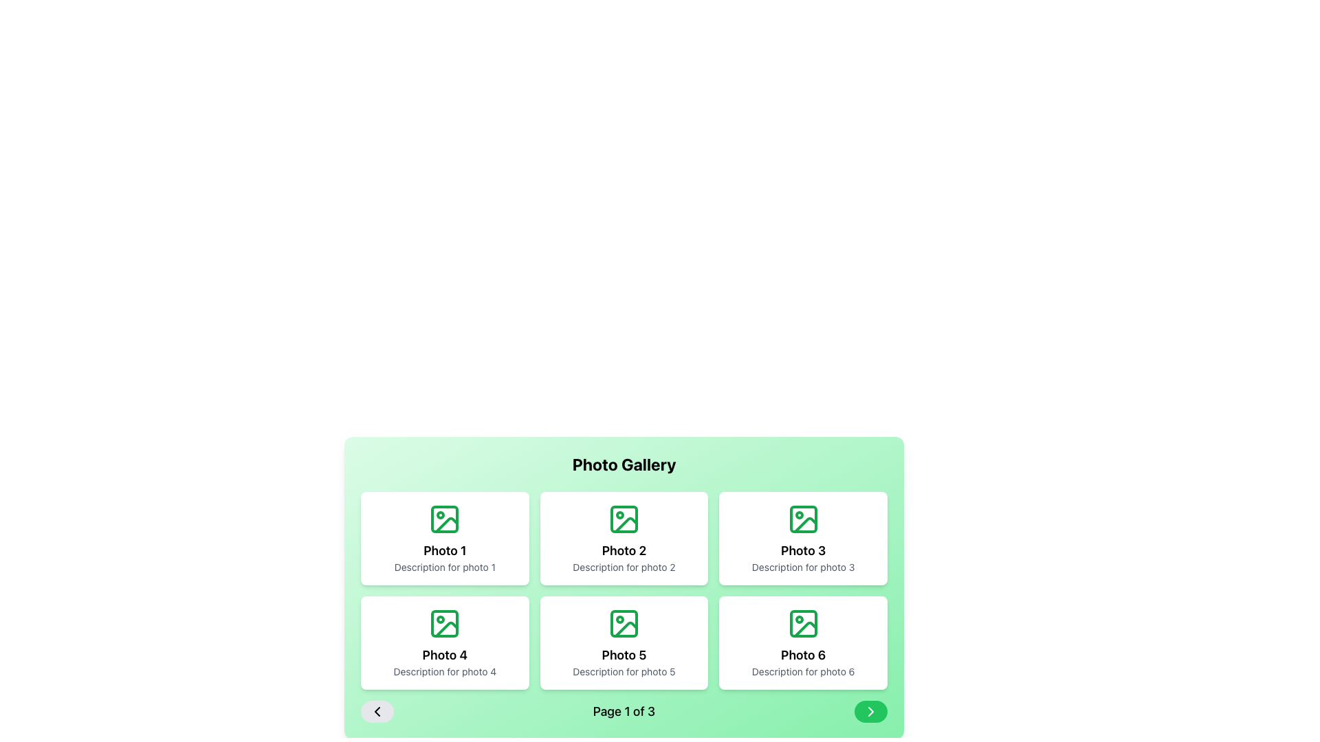 The image size is (1320, 742). I want to click on the second card in the photo gallery that displays an image and text, situated between 'Photo 1' and 'Photo 3', so click(623, 537).